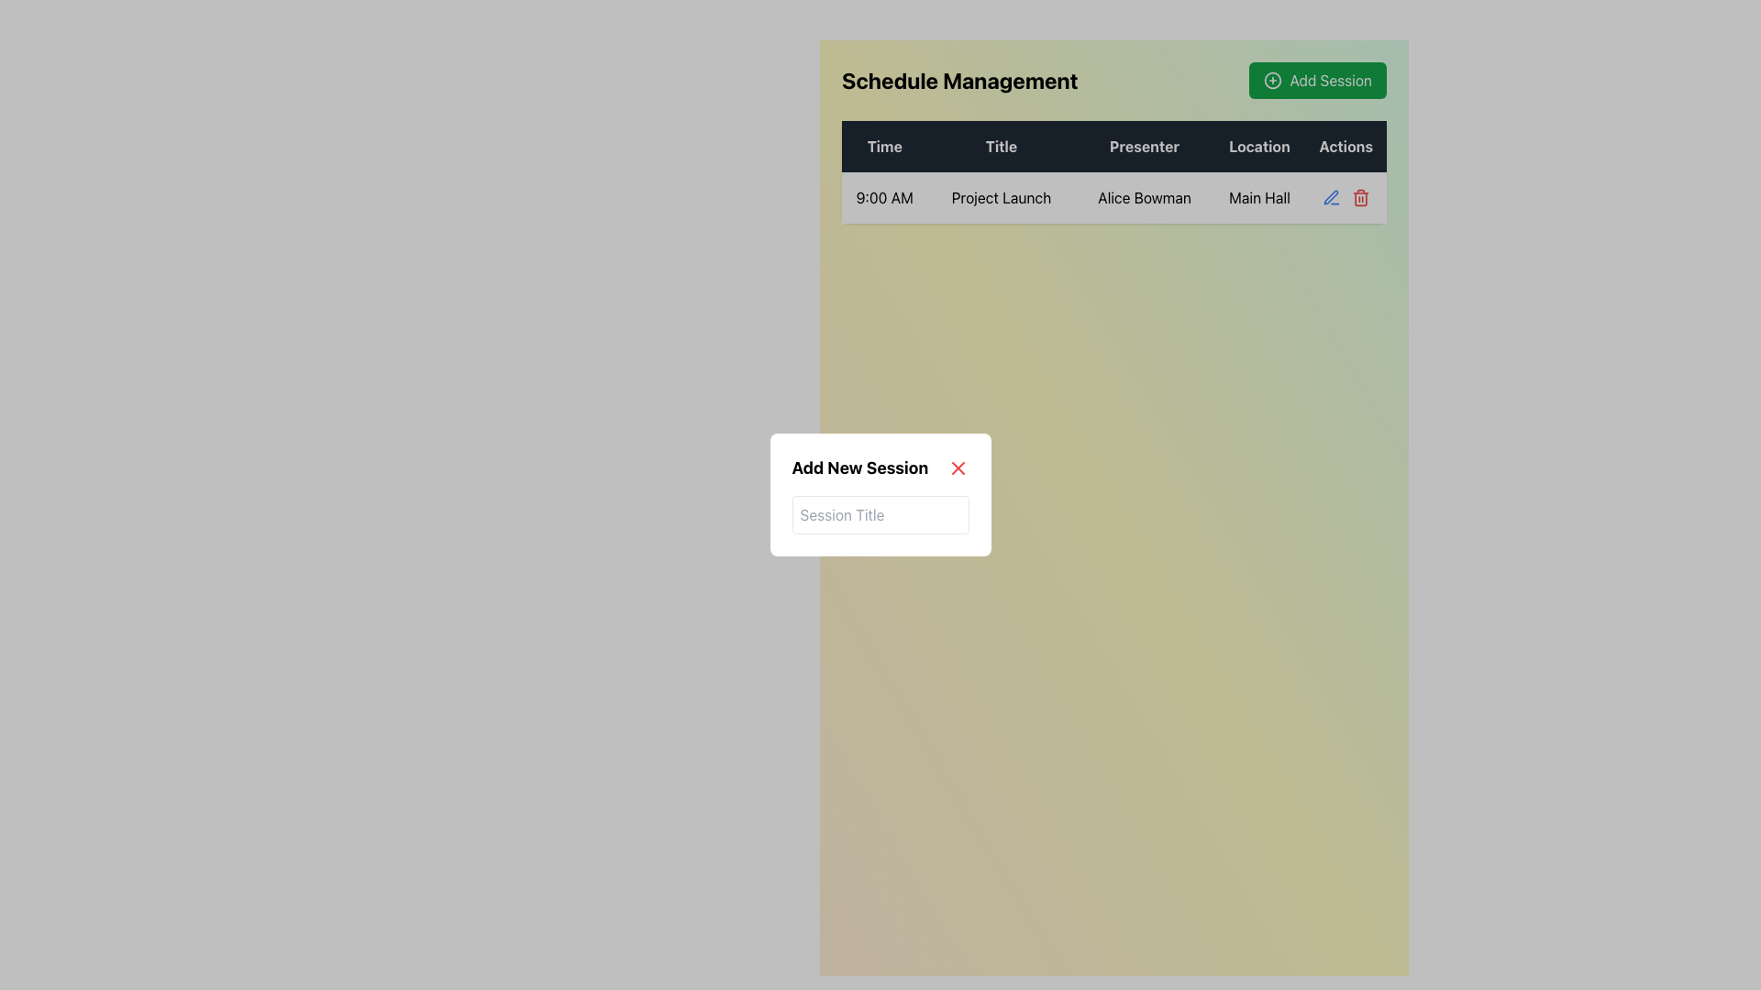 This screenshot has width=1761, height=990. What do you see at coordinates (1360, 199) in the screenshot?
I see `the delete button icon in the Actions column` at bounding box center [1360, 199].